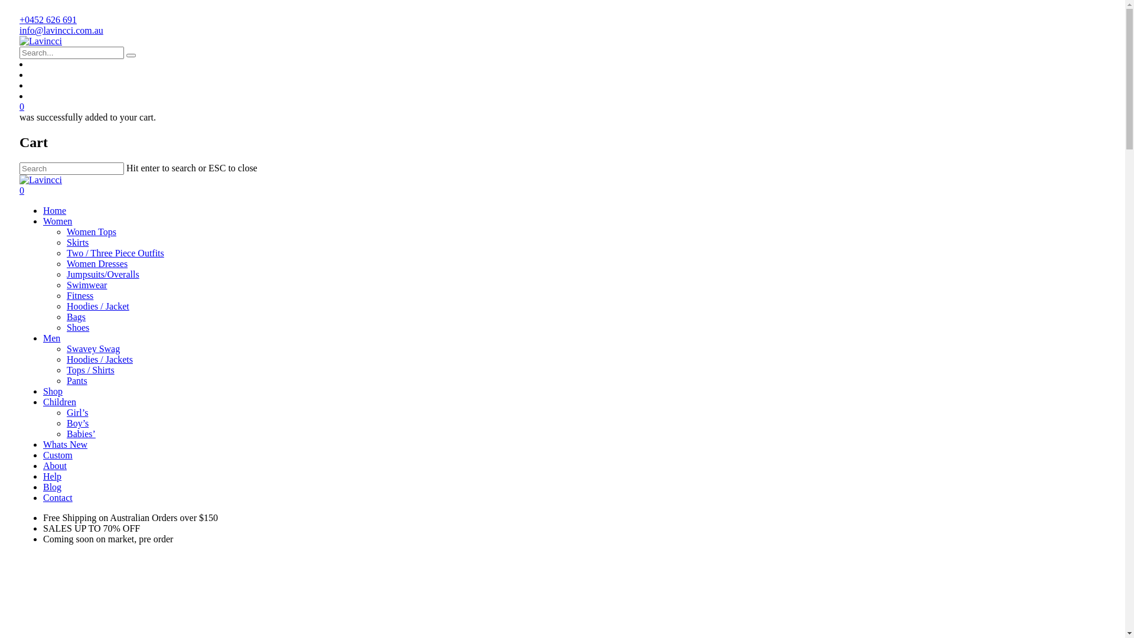 This screenshot has width=1134, height=638. I want to click on 'Jumpsuits/Overalls', so click(66, 274).